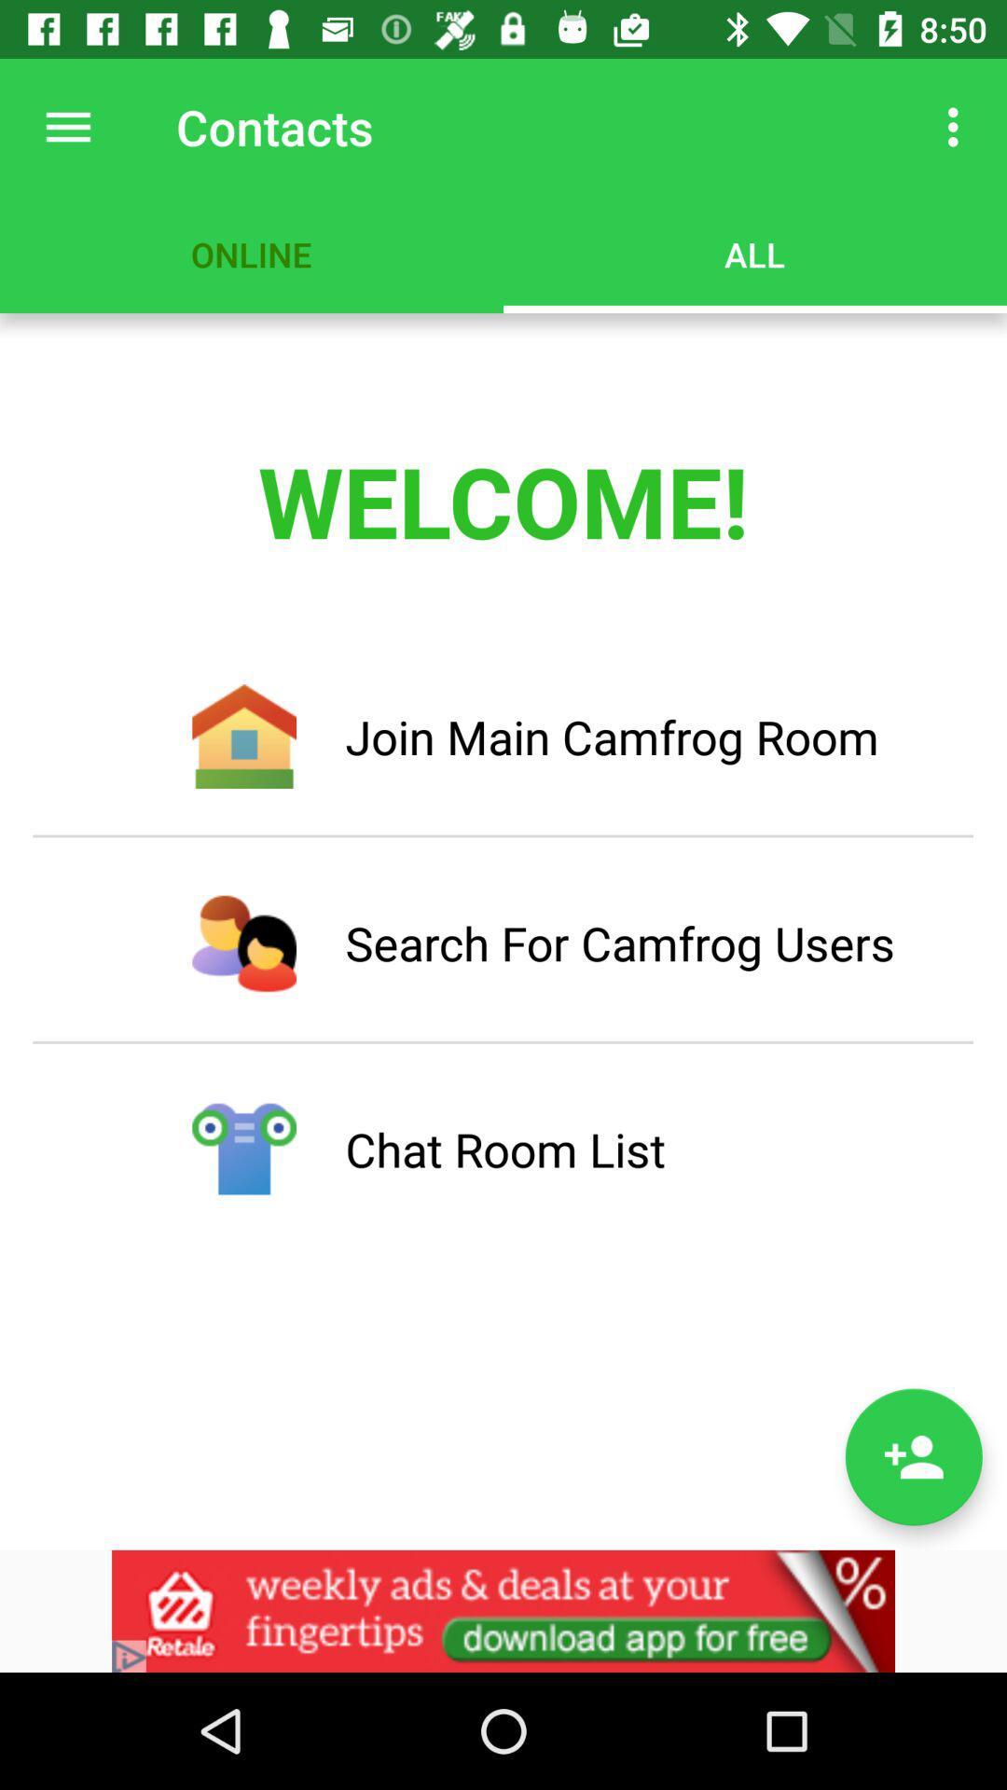  I want to click on the follow icon, so click(913, 1456).